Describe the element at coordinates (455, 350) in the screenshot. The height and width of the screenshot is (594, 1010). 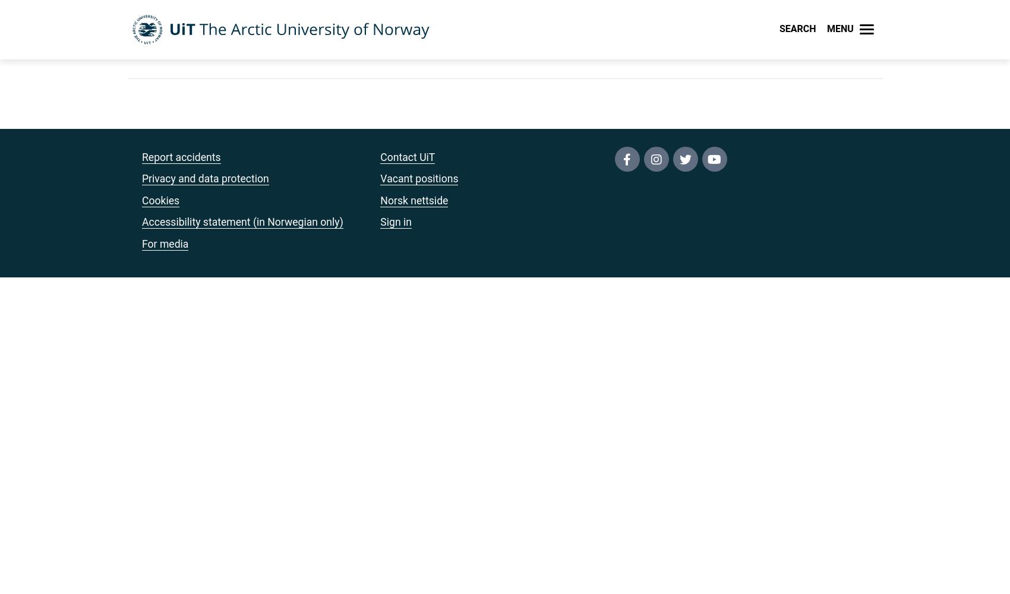
I see `'For students'` at that location.